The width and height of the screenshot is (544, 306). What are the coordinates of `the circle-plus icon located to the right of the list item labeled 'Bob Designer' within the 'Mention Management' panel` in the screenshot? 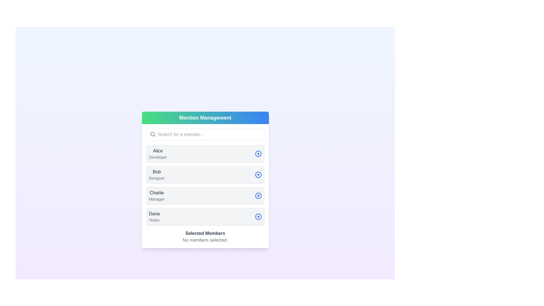 It's located at (258, 175).